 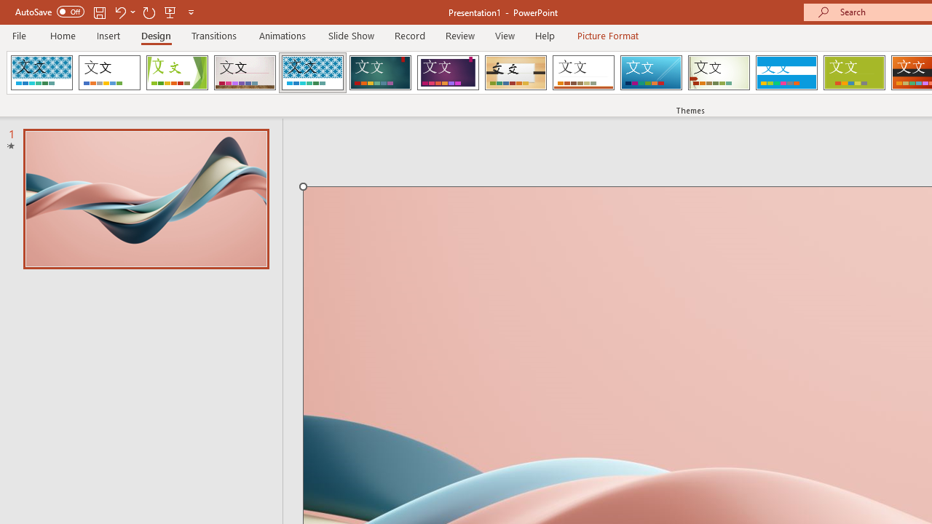 What do you see at coordinates (245, 73) in the screenshot?
I see `'Gallery'` at bounding box center [245, 73].